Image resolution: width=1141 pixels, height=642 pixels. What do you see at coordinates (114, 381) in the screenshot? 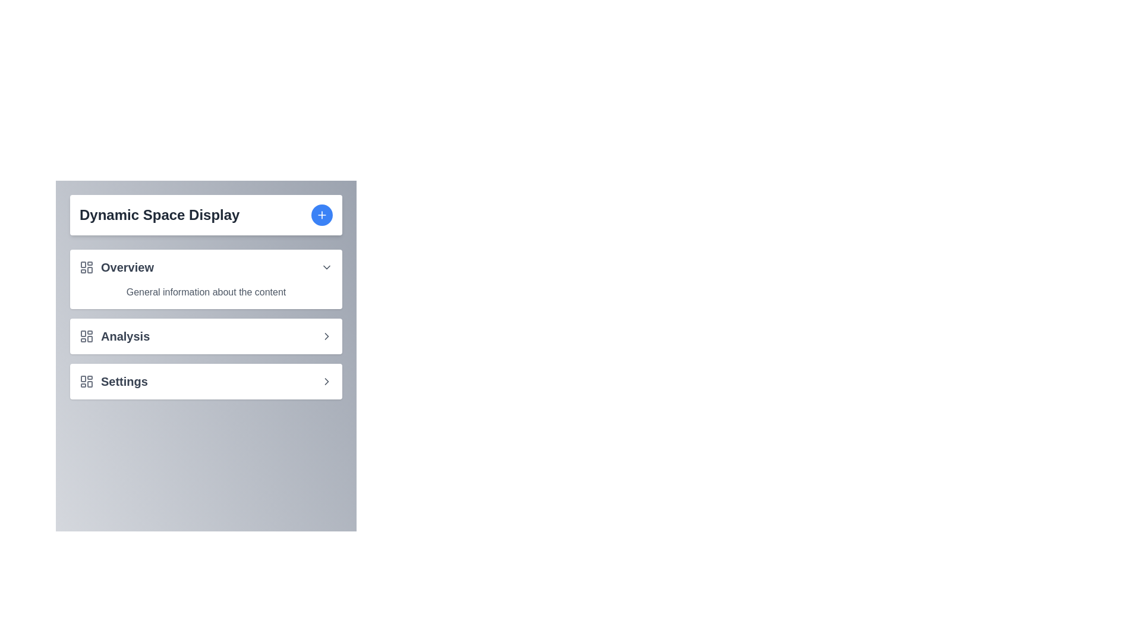
I see `the third item` at bounding box center [114, 381].